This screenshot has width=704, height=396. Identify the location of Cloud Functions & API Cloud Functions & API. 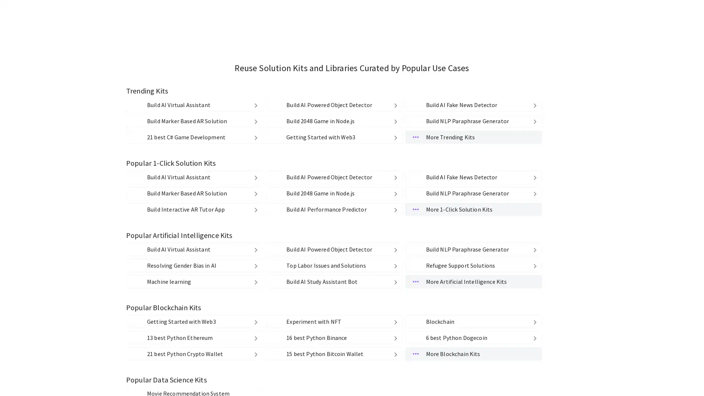
(476, 216).